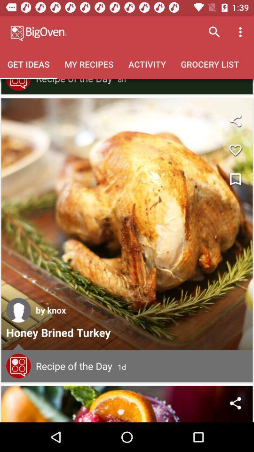 This screenshot has width=254, height=452. What do you see at coordinates (235, 179) in the screenshot?
I see `bookmark the article` at bounding box center [235, 179].